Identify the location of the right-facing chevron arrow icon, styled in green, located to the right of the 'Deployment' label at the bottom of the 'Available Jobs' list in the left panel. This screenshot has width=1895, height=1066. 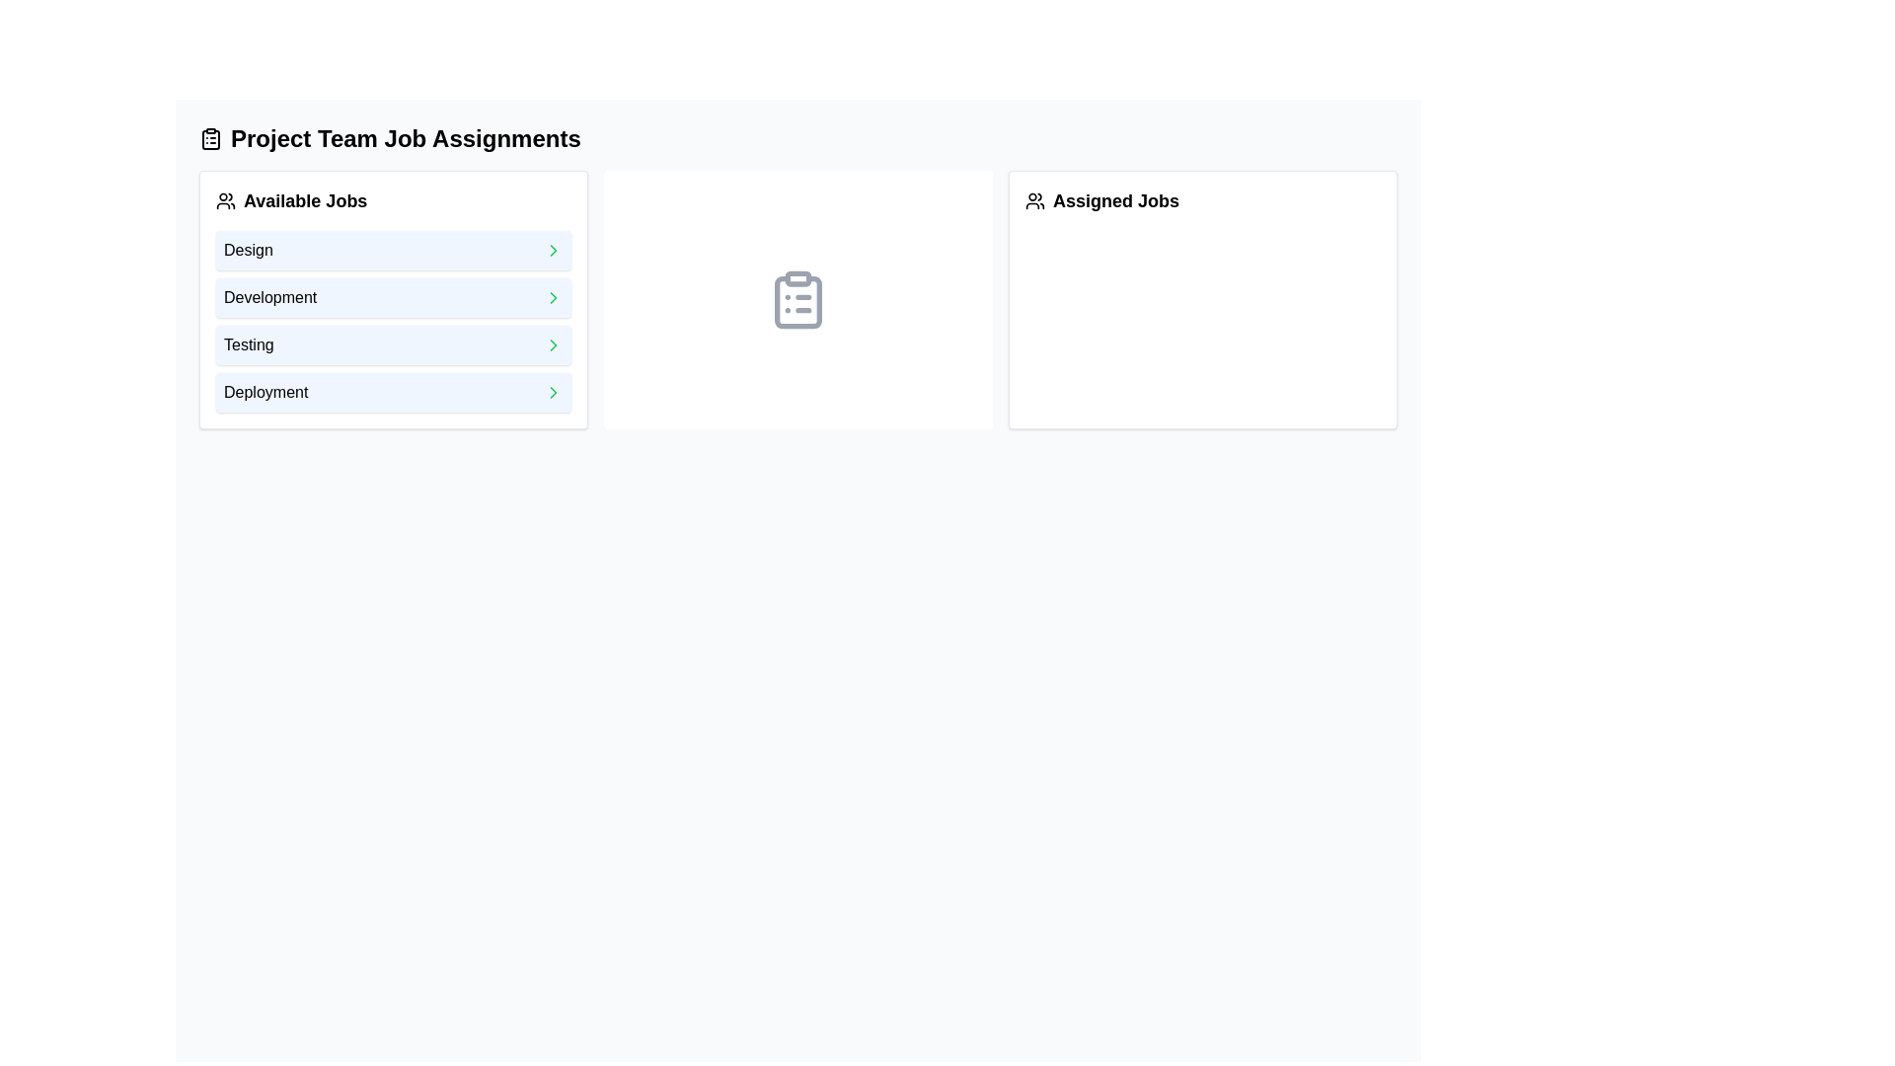
(553, 392).